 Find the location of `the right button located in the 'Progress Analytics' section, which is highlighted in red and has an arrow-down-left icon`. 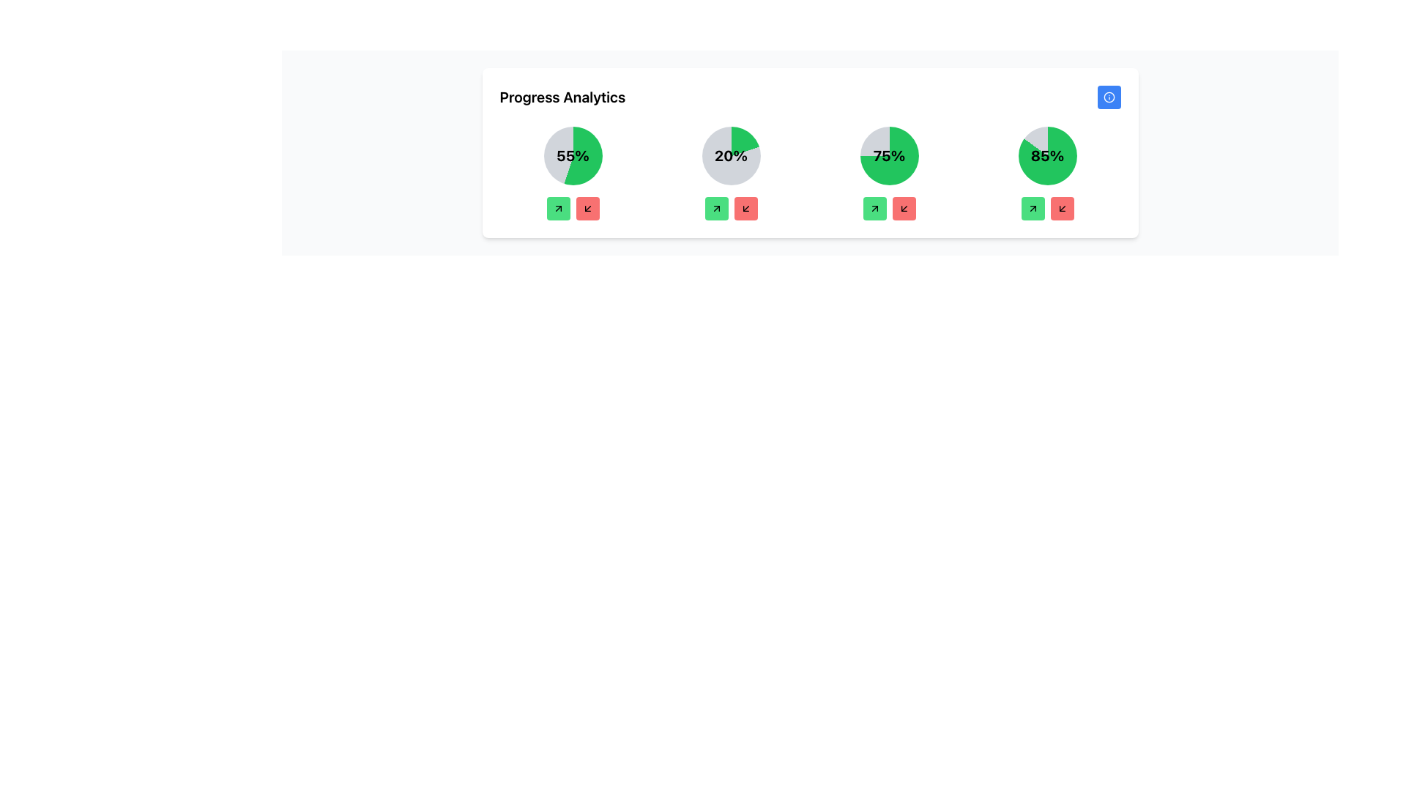

the right button located in the 'Progress Analytics' section, which is highlighted in red and has an arrow-down-left icon is located at coordinates (587, 209).